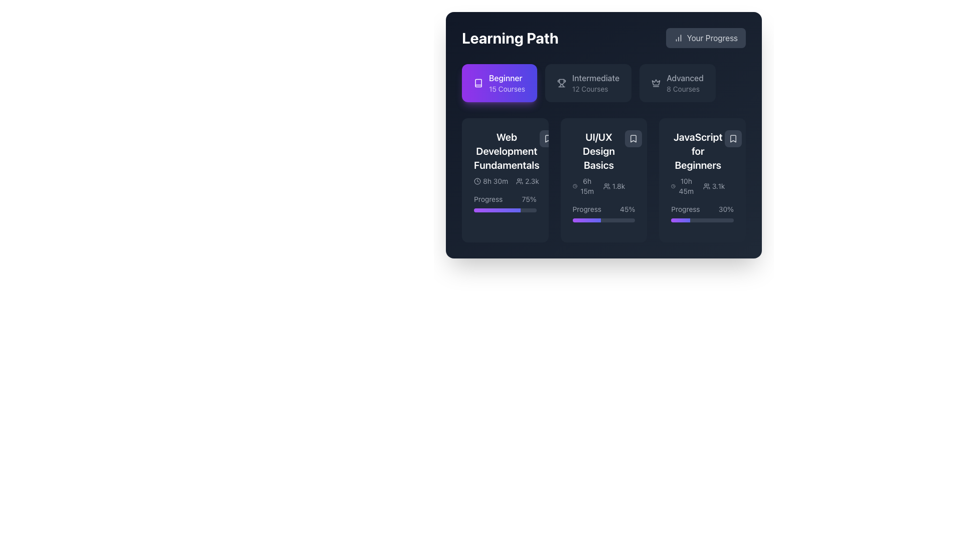 This screenshot has height=541, width=963. Describe the element at coordinates (696, 219) in the screenshot. I see `the progress value` at that location.